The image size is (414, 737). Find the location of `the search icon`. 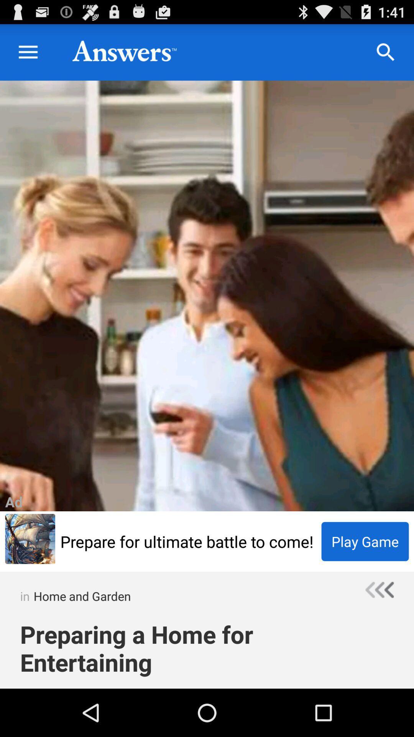

the search icon is located at coordinates (386, 56).